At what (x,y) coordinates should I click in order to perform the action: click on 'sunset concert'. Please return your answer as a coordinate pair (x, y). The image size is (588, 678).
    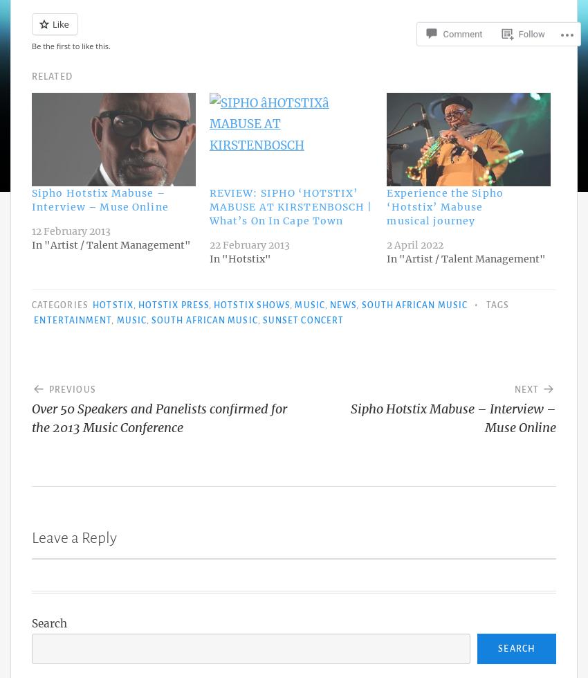
    Looking at the image, I should click on (302, 320).